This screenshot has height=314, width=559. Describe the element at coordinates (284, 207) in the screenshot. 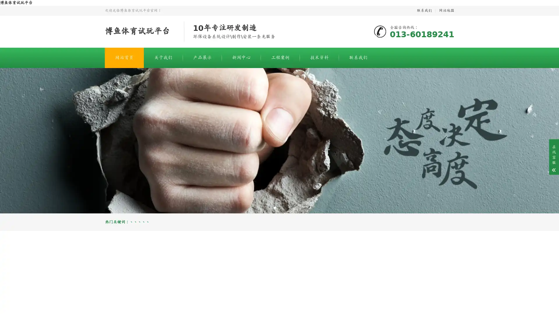

I see `Go to slide 3` at that location.